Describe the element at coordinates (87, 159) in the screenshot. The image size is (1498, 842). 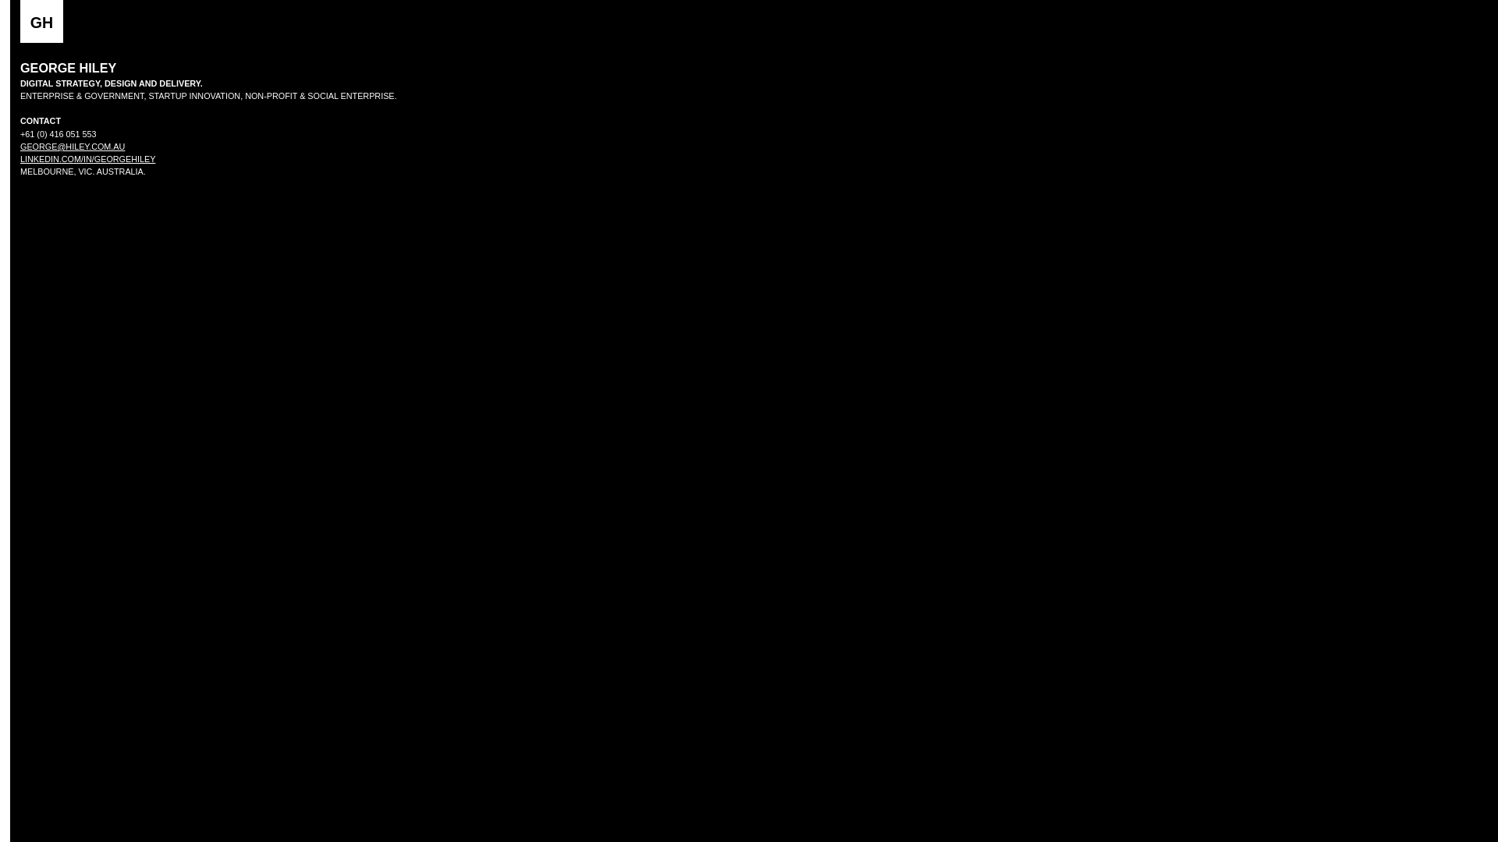
I see `'LINKEDIN.COM/IN/GEORGEHILEY'` at that location.